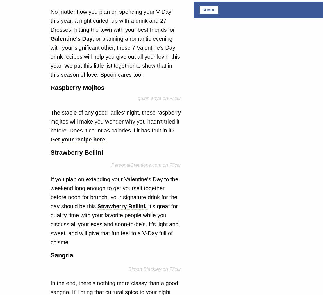 This screenshot has height=295, width=323. I want to click on ', or planning a romantic evening with your significant other, these 7 Valentine's Day drink recipes will help you give out all your lovin' this year. We put this little list together to show that in this season of love, Spoon cares too.', so click(115, 57).